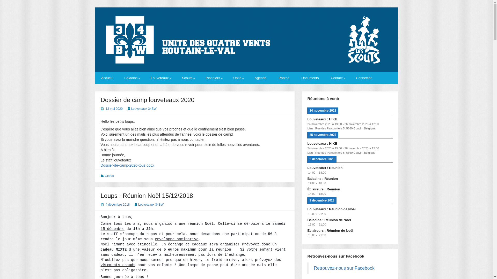 Image resolution: width=497 pixels, height=279 pixels. I want to click on '13 mai 2020', so click(114, 108).